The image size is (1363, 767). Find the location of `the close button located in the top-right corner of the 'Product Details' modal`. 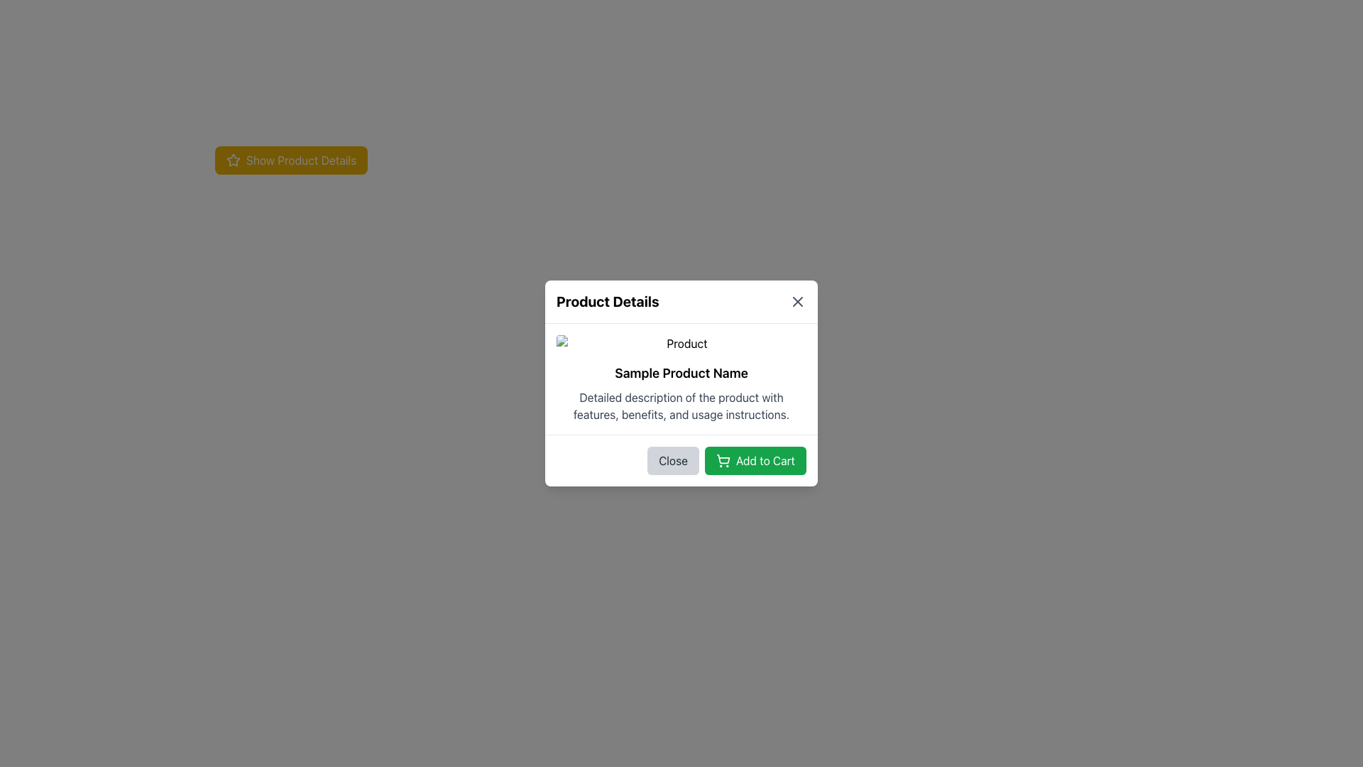

the close button located in the top-right corner of the 'Product Details' modal is located at coordinates (797, 300).